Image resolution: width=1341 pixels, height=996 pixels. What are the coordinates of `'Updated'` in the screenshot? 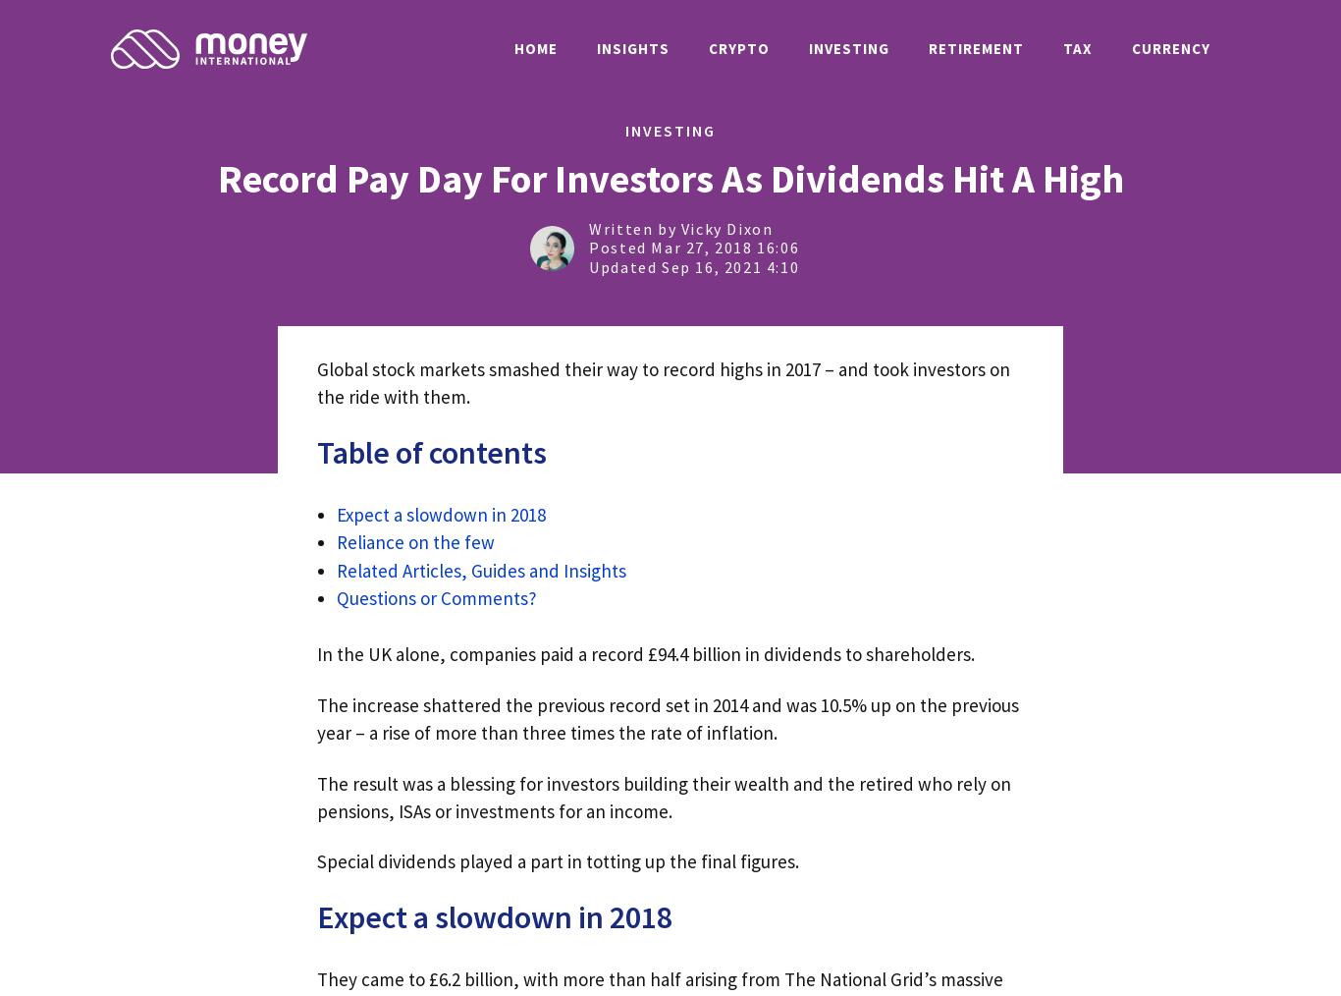 It's located at (623, 266).